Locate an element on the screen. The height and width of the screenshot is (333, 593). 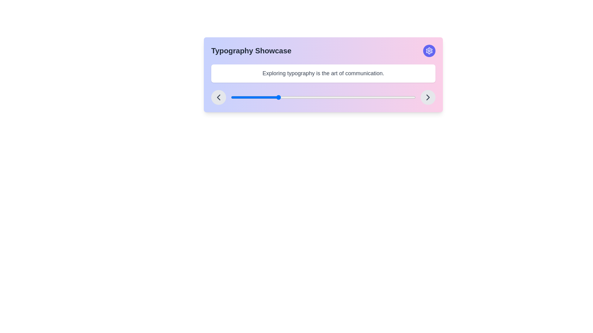
the label containing the text 'Exploring typography is the art of communication.' which has a white background, rounded corners, and is located beneath the title 'Typography Showcase' is located at coordinates (323, 73).